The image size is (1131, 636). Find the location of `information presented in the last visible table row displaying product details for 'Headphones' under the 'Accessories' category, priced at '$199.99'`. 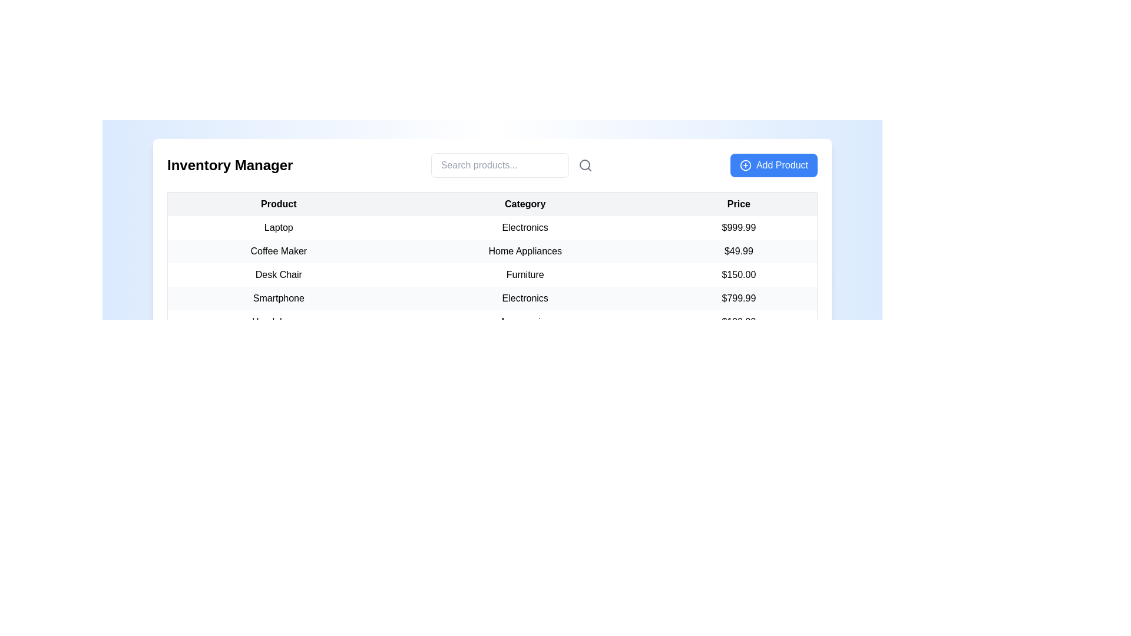

information presented in the last visible table row displaying product details for 'Headphones' under the 'Accessories' category, priced at '$199.99' is located at coordinates (492, 322).